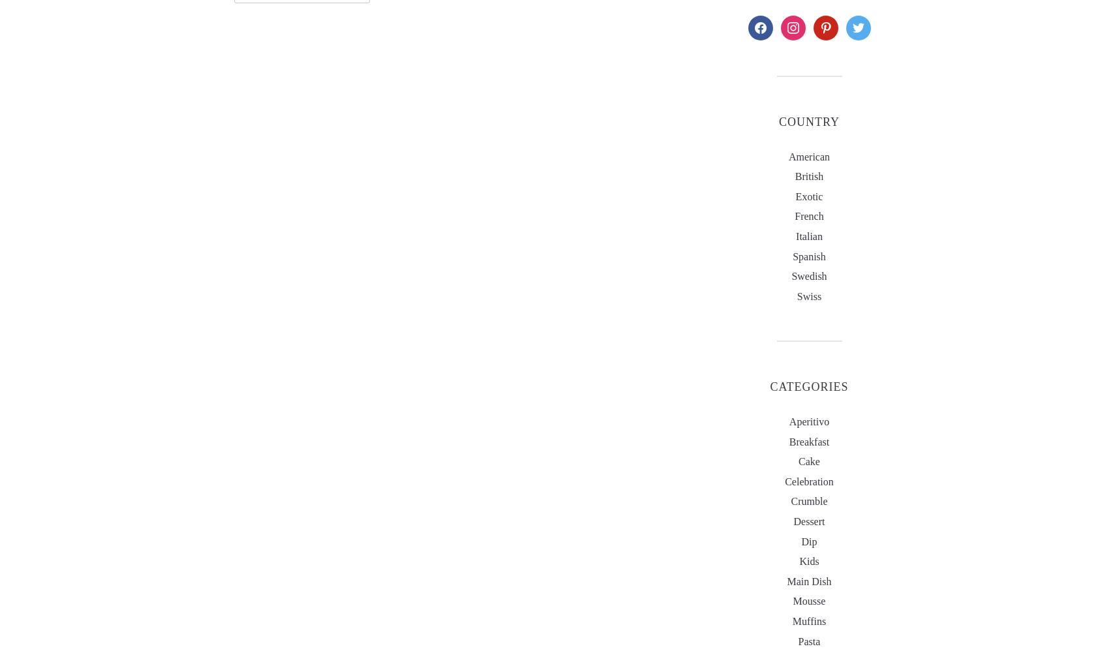 This screenshot has height=653, width=1113. Describe the element at coordinates (808, 581) in the screenshot. I see `'main dish'` at that location.